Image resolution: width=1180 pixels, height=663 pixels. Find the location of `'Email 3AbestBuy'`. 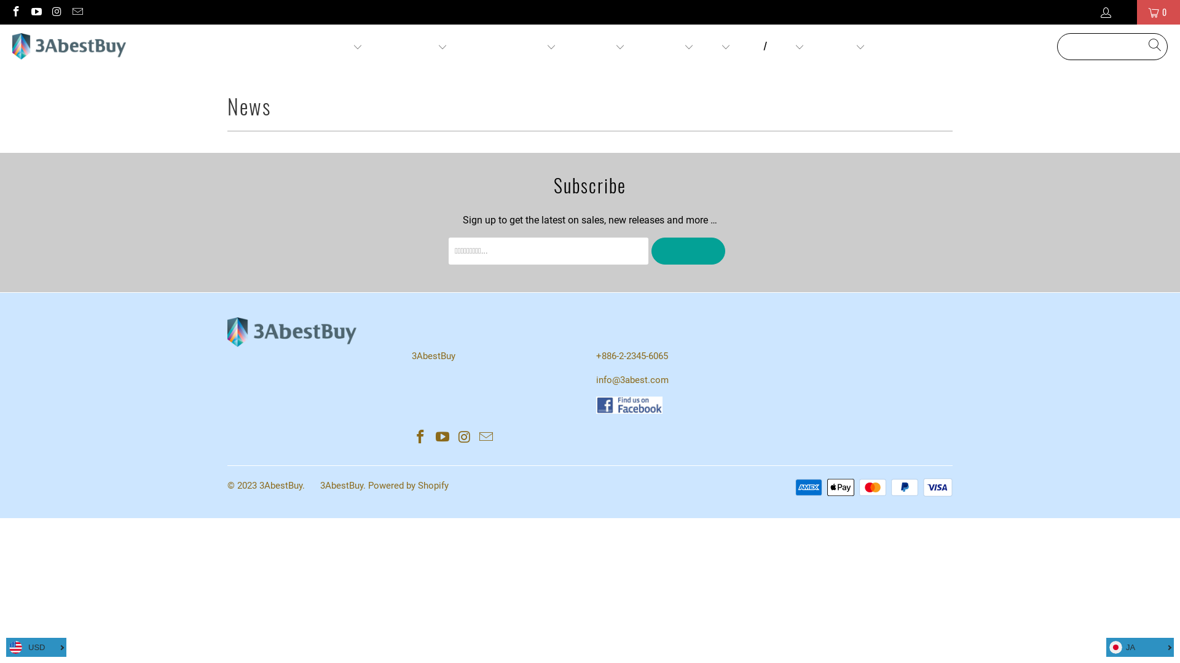

'Email 3AbestBuy' is located at coordinates (486, 437).